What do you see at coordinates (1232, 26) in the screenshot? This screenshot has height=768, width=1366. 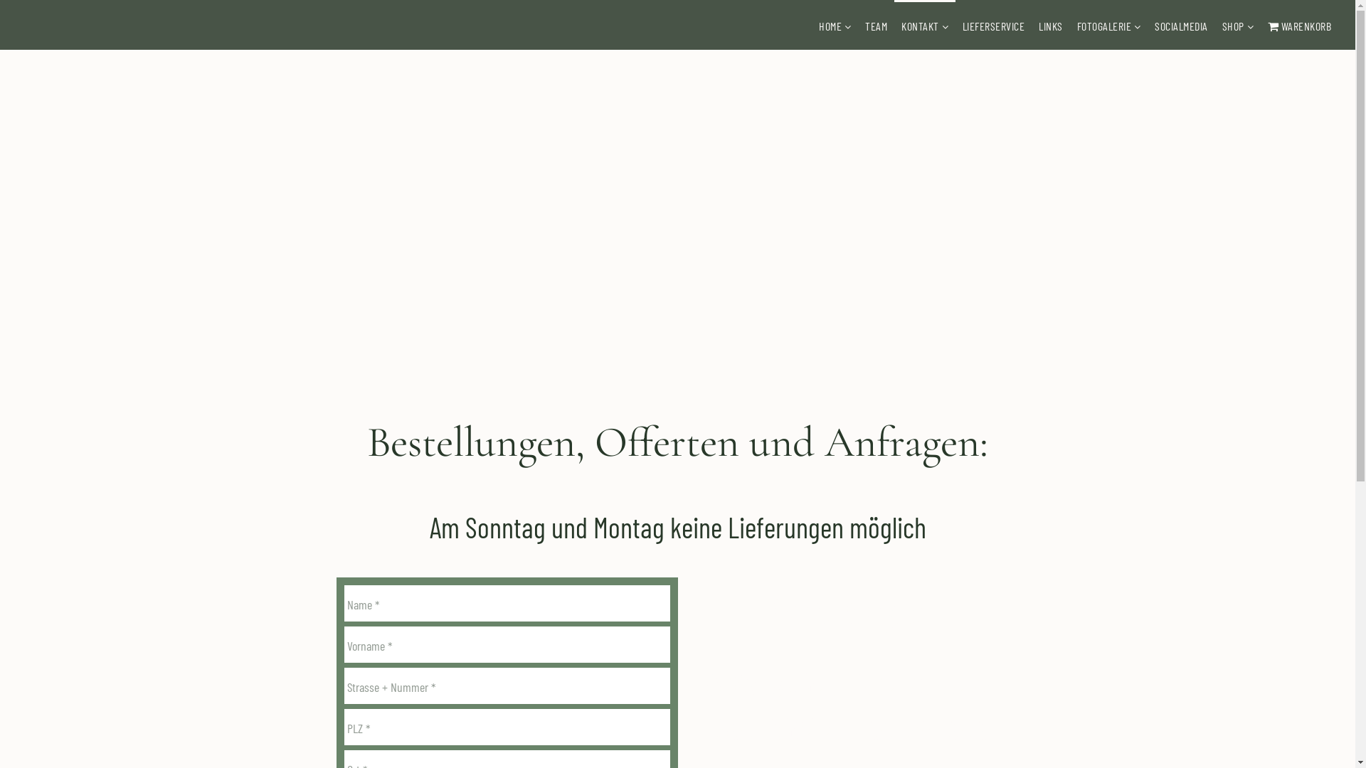 I see `'SHOP'` at bounding box center [1232, 26].